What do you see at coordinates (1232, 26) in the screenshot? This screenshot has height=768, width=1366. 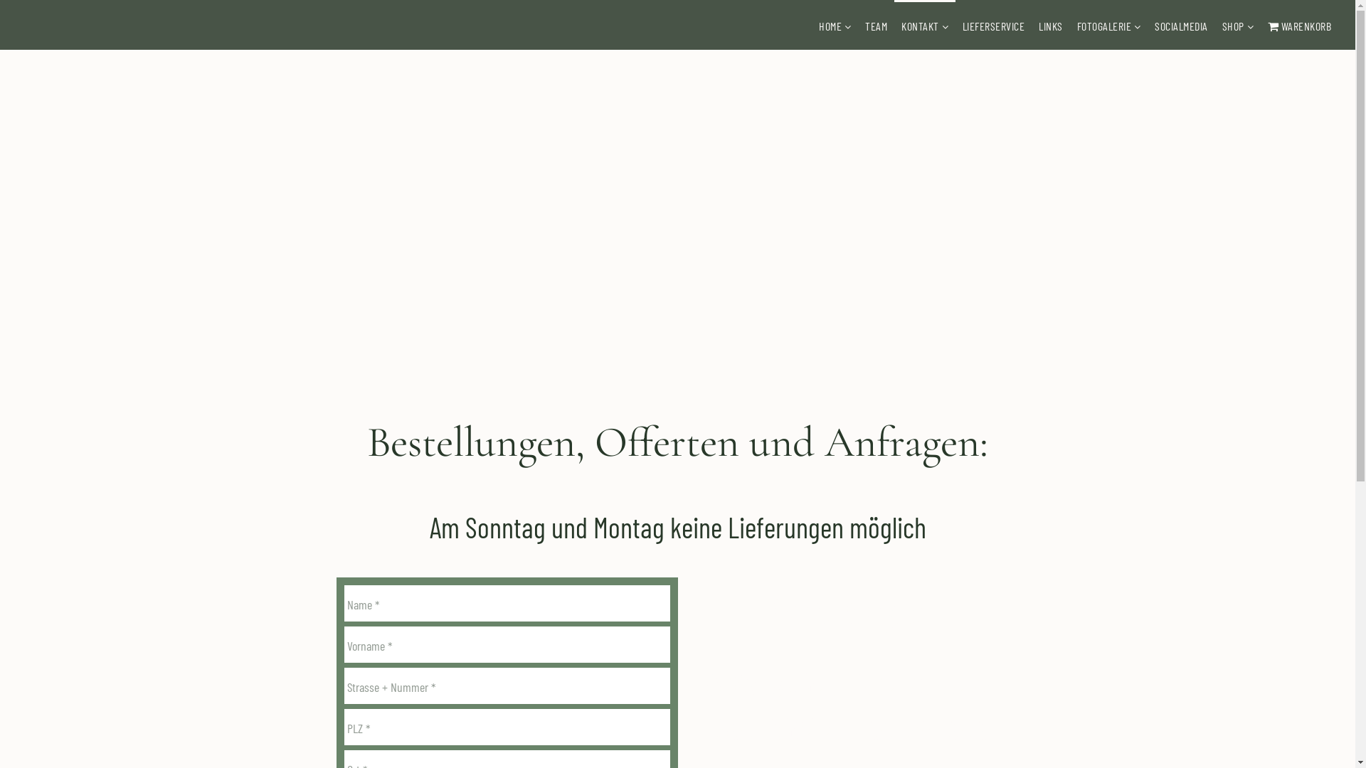 I see `'SHOP'` at bounding box center [1232, 26].